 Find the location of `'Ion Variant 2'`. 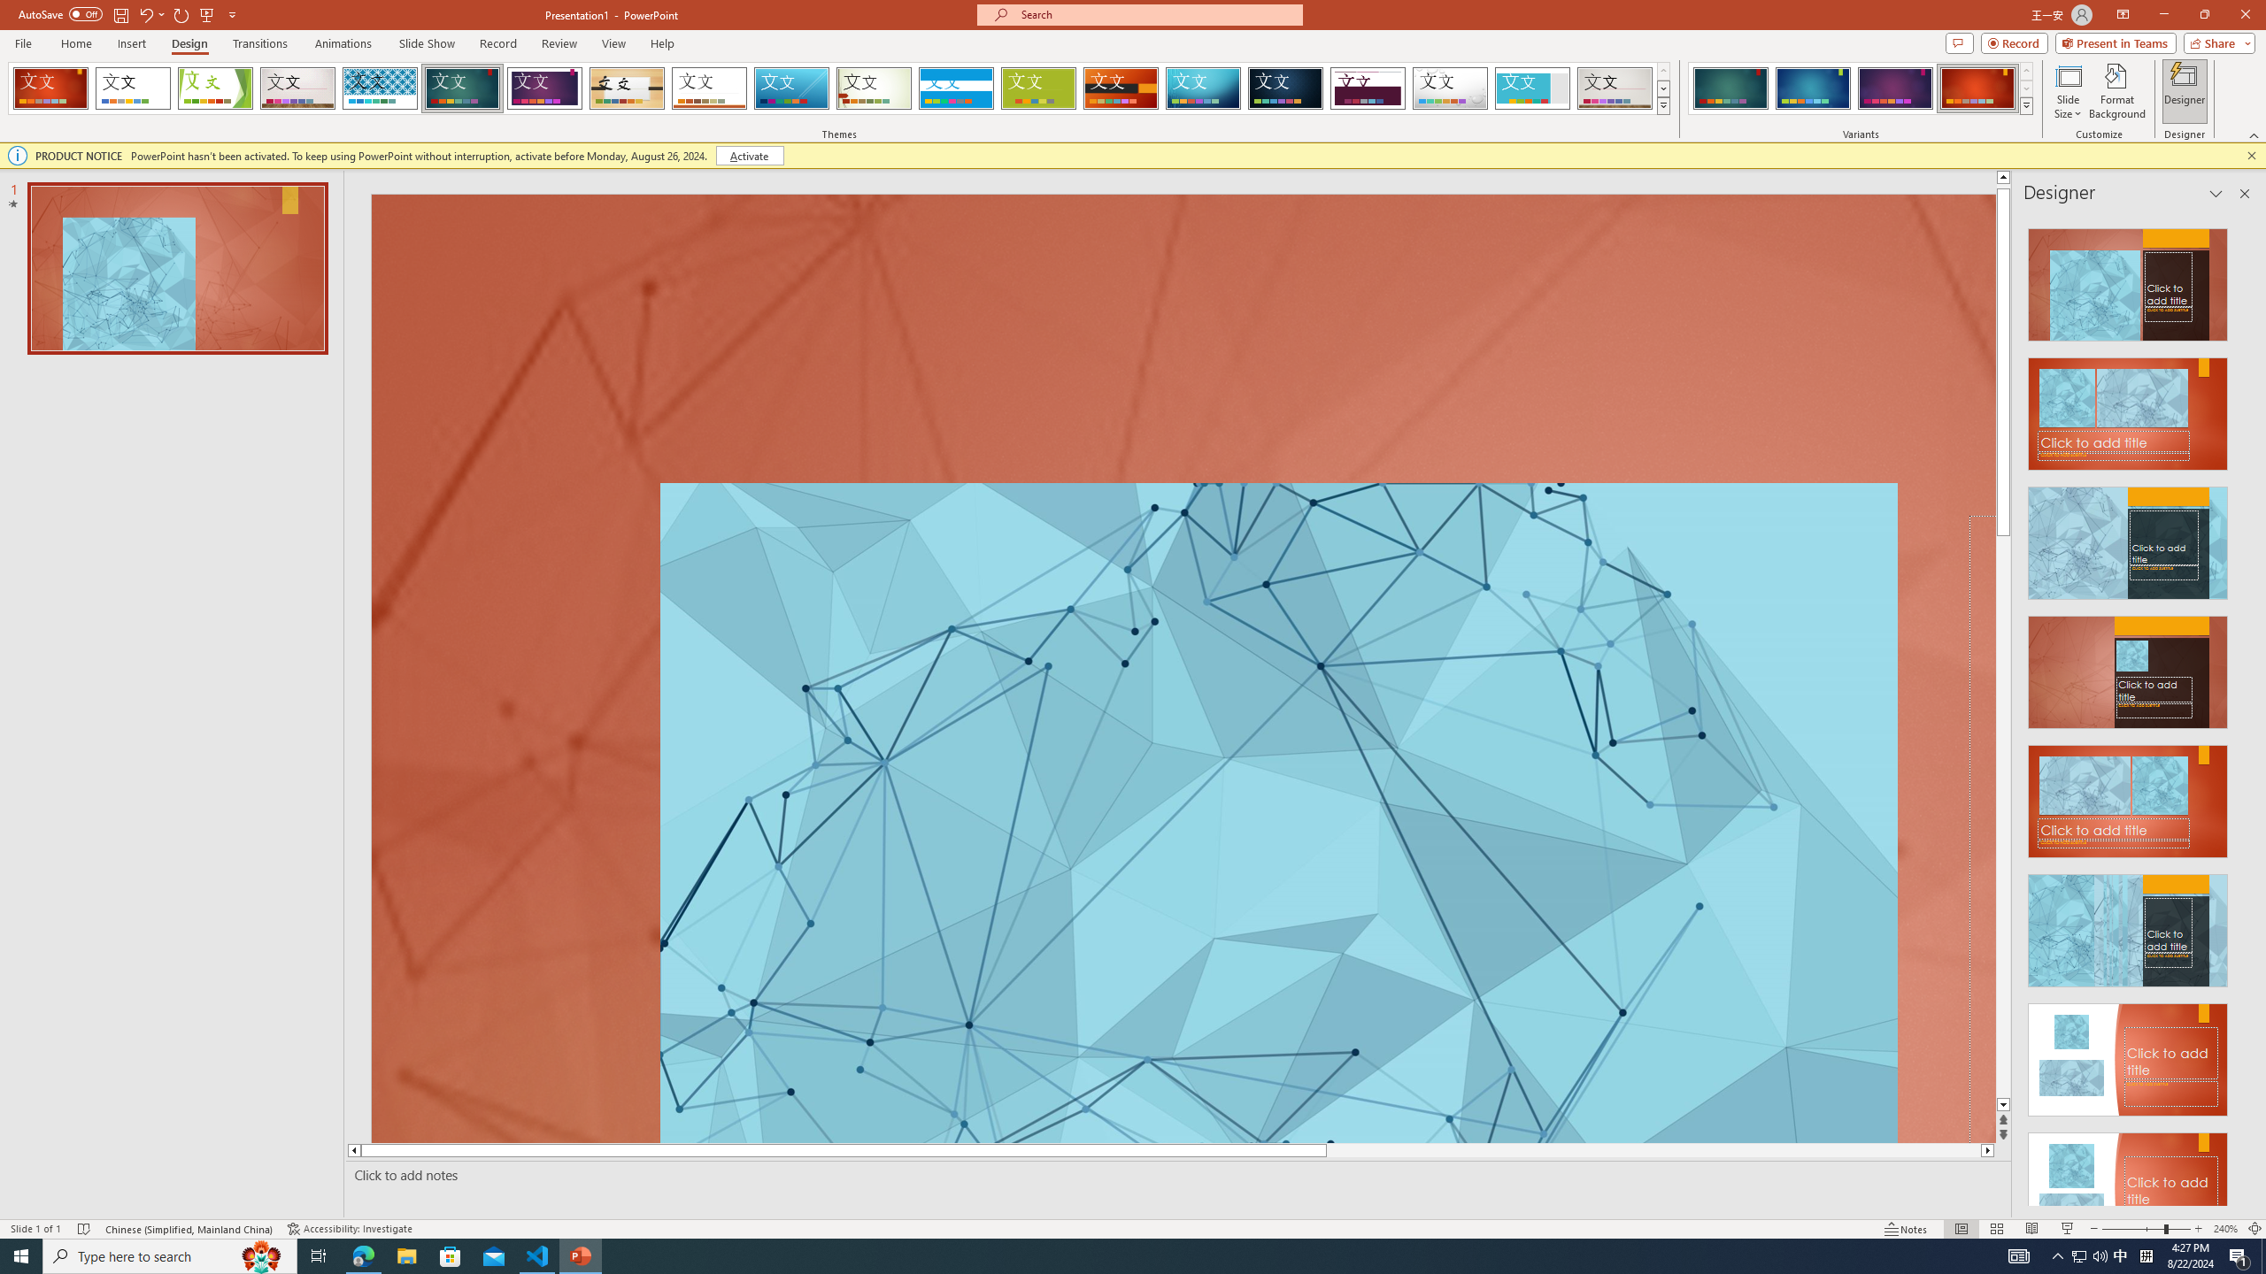

'Ion Variant 2' is located at coordinates (1812, 88).